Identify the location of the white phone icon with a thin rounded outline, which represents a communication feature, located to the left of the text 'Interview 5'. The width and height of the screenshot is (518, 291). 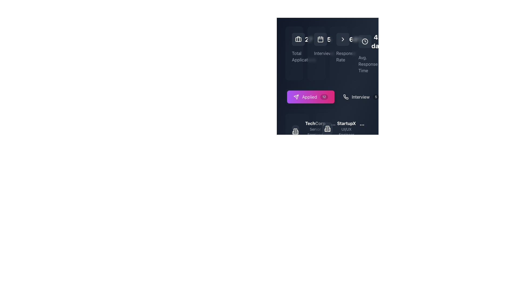
(346, 96).